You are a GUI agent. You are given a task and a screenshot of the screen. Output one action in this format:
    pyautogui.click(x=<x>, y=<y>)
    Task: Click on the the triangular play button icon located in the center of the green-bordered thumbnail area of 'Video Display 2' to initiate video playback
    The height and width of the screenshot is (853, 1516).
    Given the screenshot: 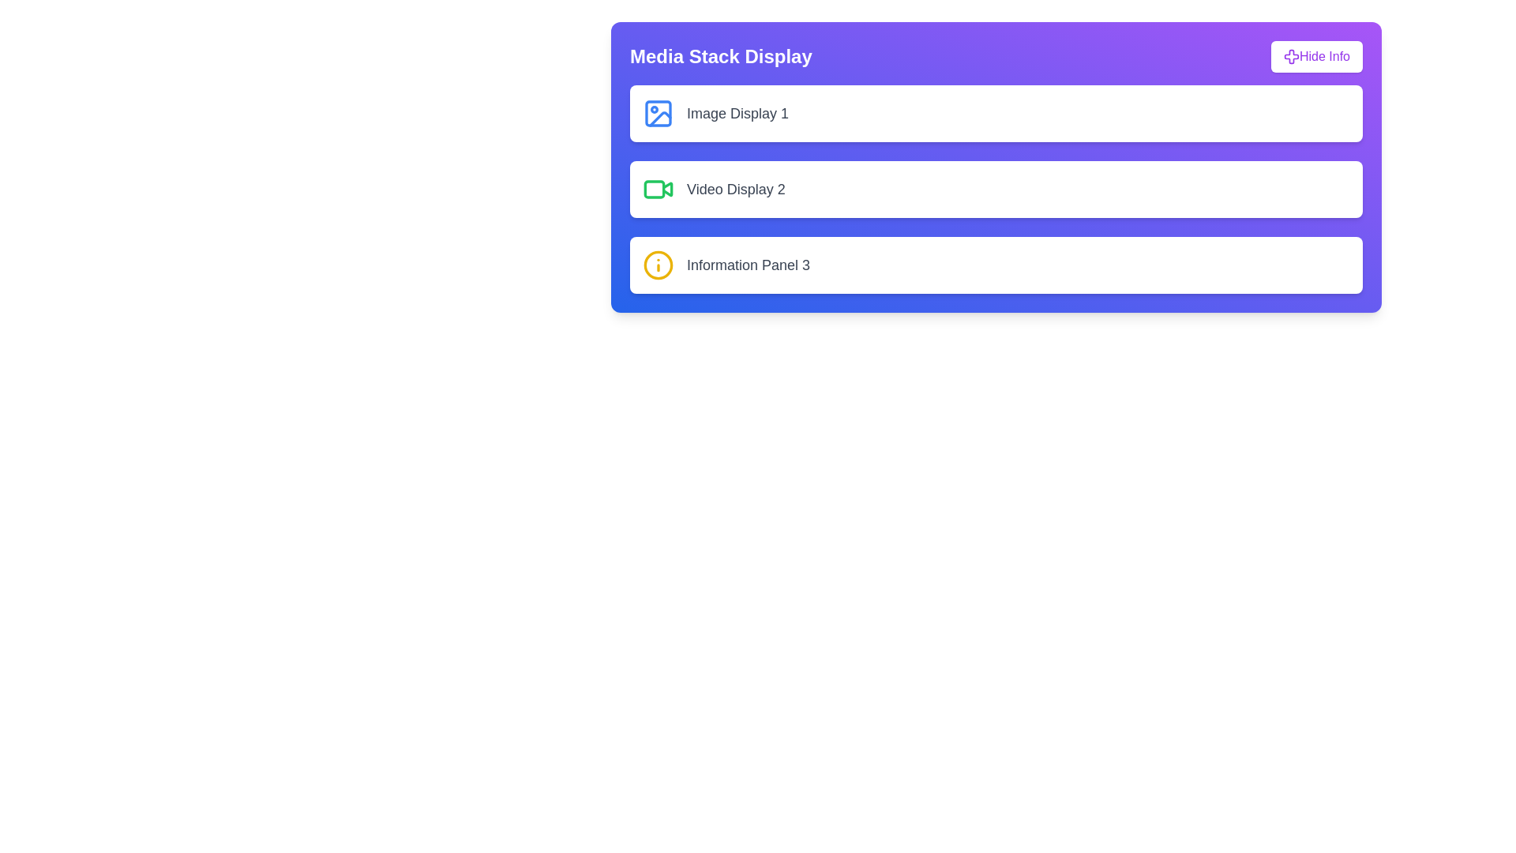 What is the action you would take?
    pyautogui.click(x=667, y=188)
    